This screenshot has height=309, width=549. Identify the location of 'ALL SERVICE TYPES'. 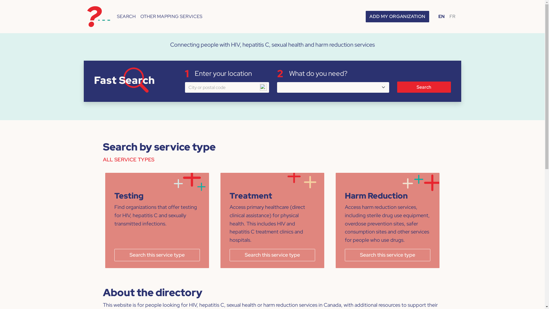
(103, 162).